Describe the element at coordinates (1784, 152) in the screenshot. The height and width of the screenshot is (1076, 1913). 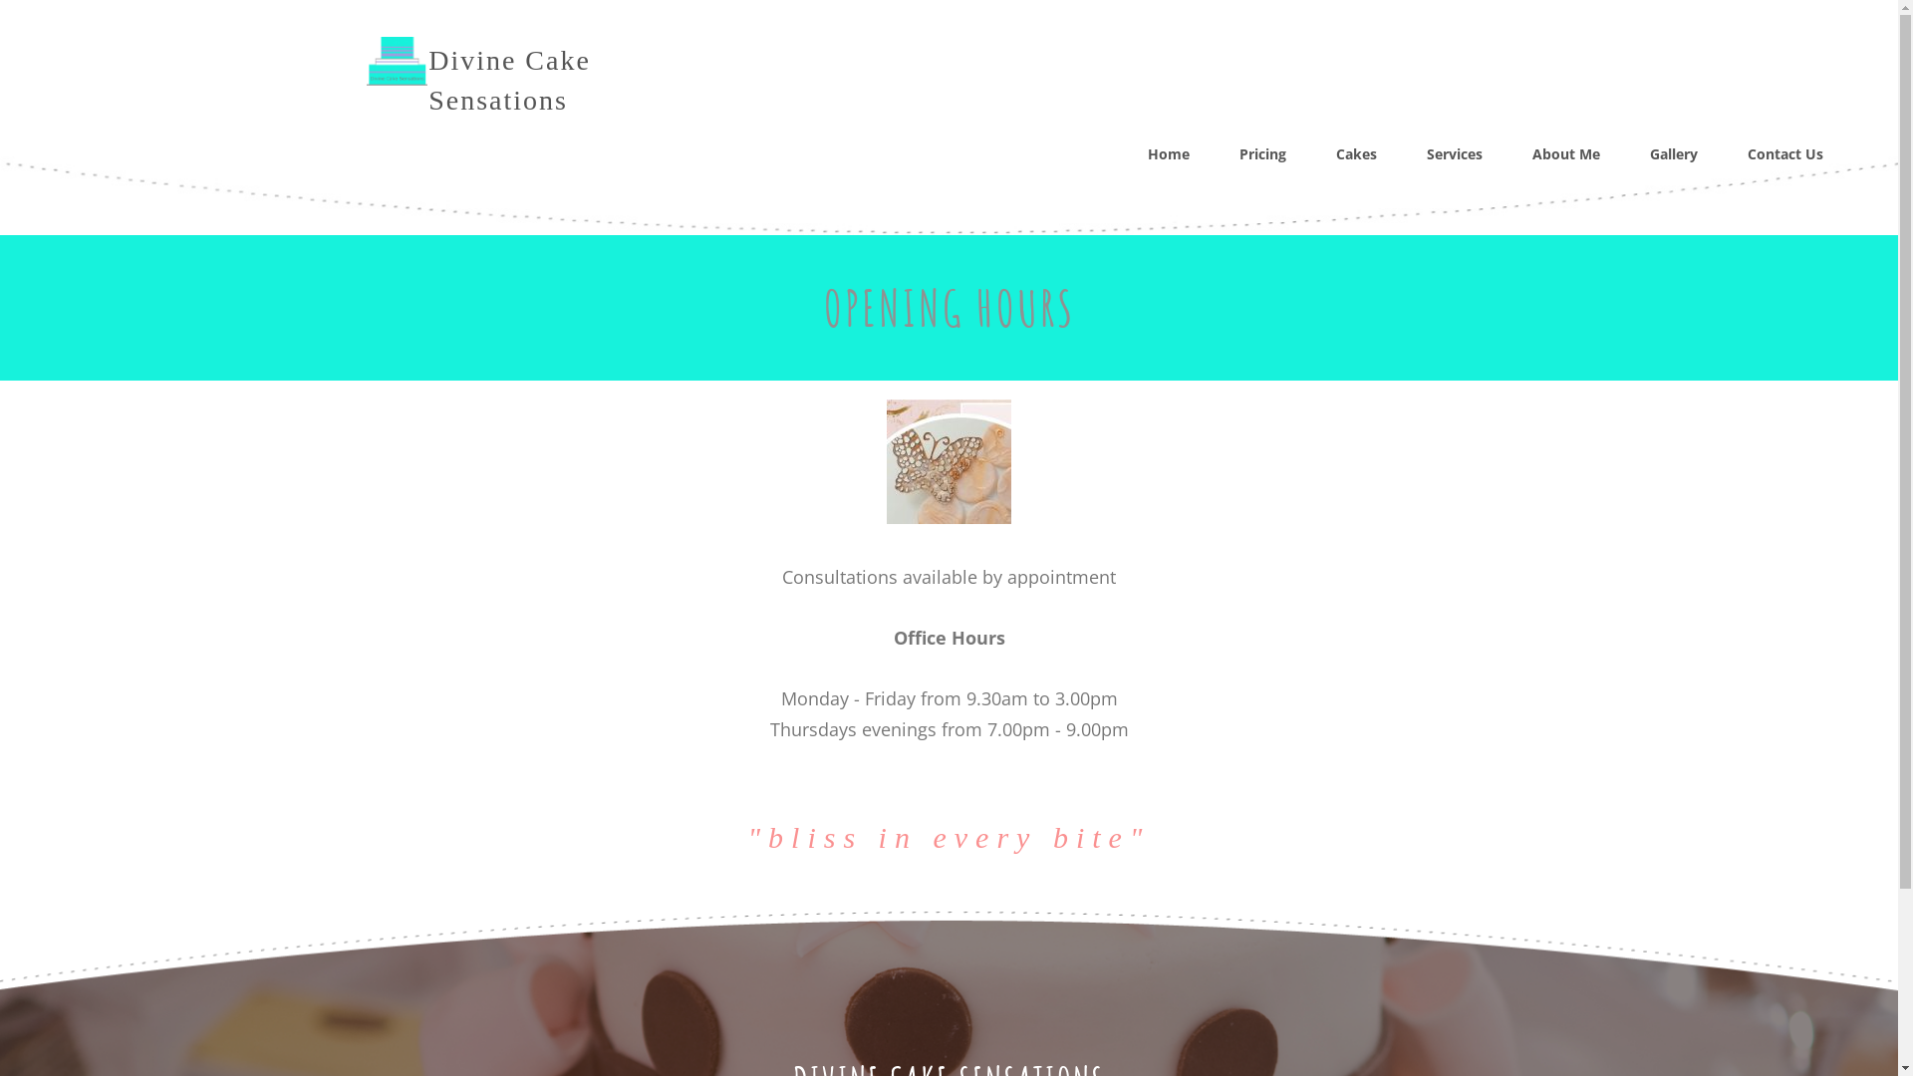
I see `'Contact Us'` at that location.